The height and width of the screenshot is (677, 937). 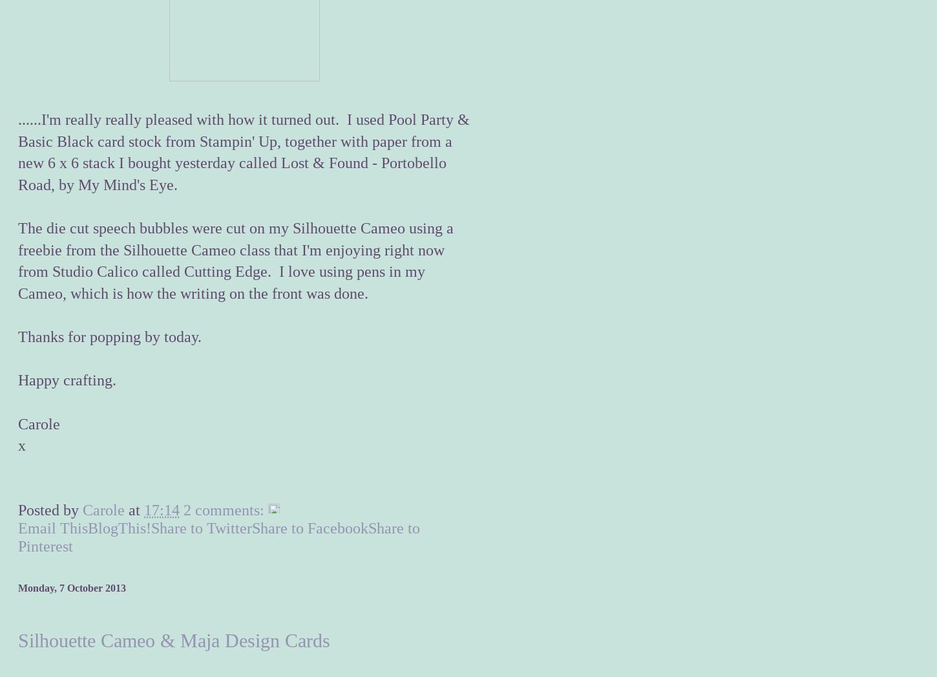 What do you see at coordinates (127, 510) in the screenshot?
I see `'at'` at bounding box center [127, 510].